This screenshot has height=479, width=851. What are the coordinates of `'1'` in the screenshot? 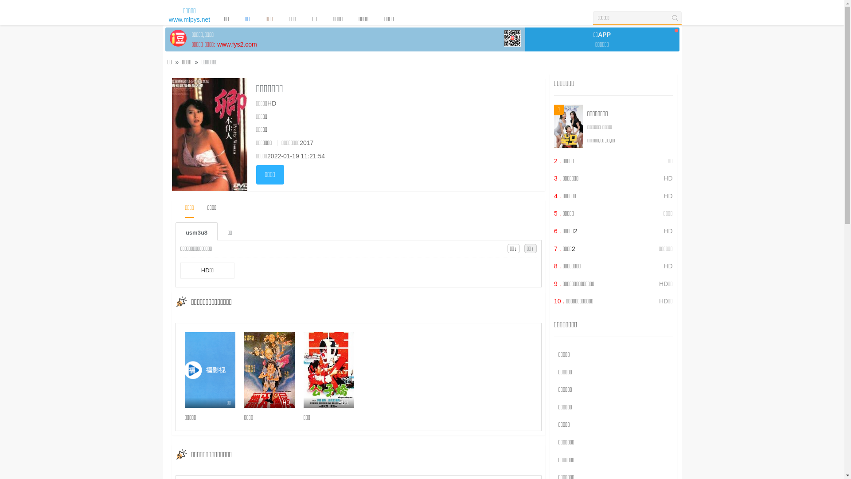 It's located at (553, 126).